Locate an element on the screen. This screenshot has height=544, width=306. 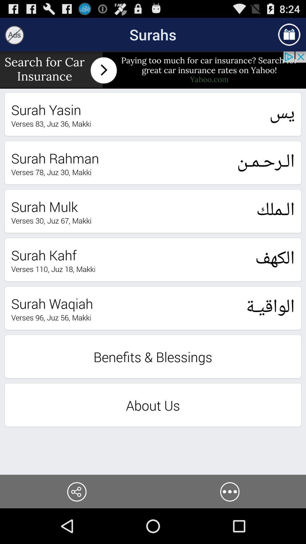
the gift icon is located at coordinates (289, 37).